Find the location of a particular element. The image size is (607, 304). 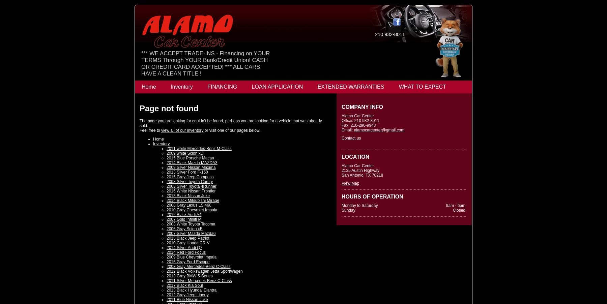

'2003 White Toyota Tacoma' is located at coordinates (191, 224).